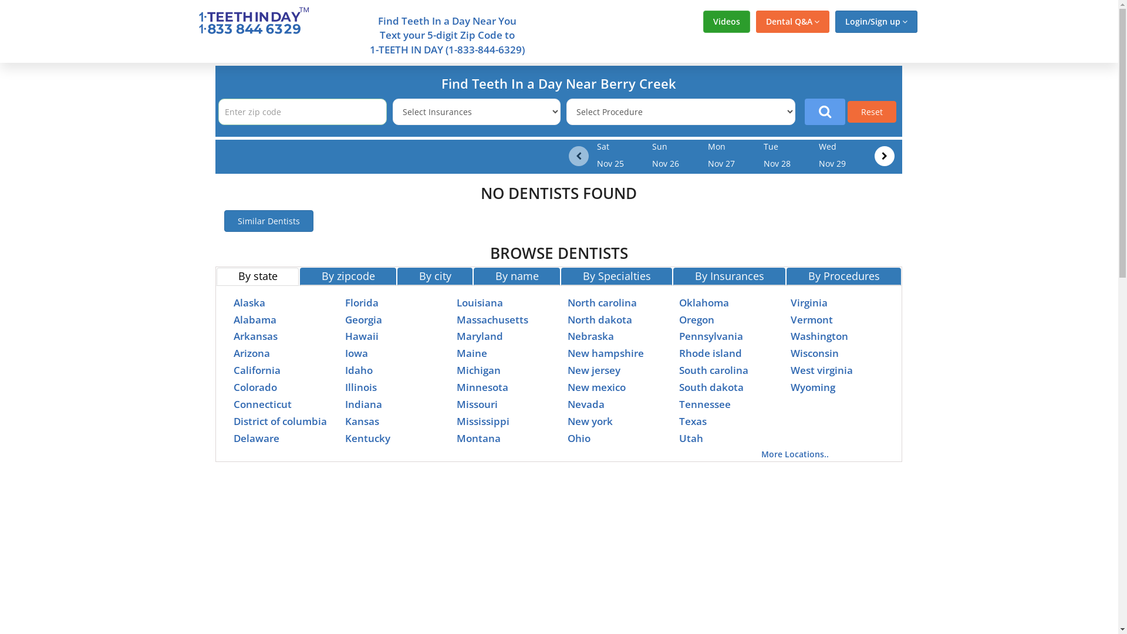 The width and height of the screenshot is (1127, 634). What do you see at coordinates (251, 352) in the screenshot?
I see `'Arizona'` at bounding box center [251, 352].